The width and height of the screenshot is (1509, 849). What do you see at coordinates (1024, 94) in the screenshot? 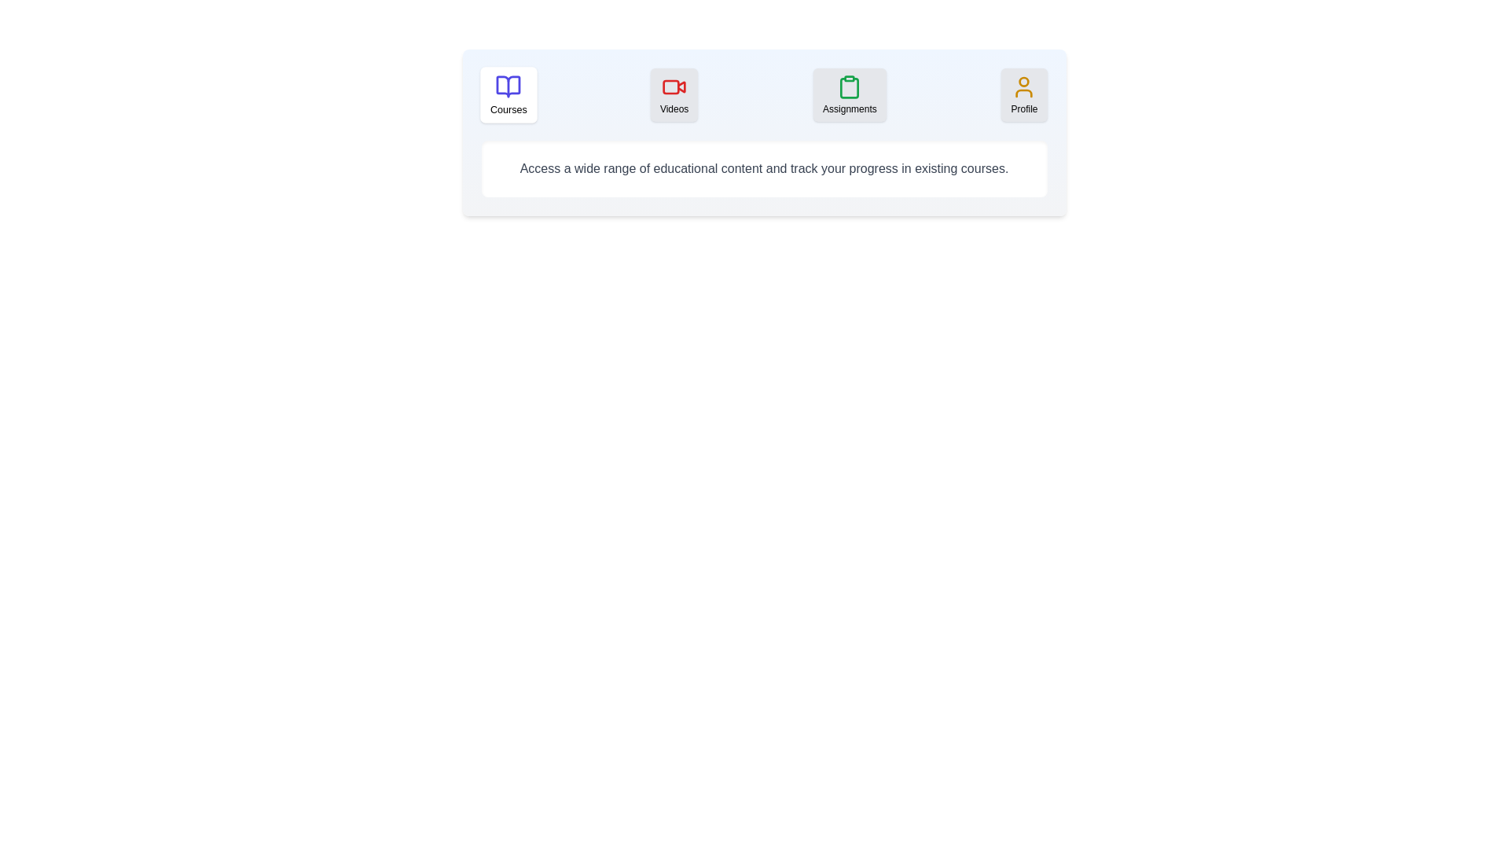
I see `the tab labeled Profile to observe its hover effect` at bounding box center [1024, 94].